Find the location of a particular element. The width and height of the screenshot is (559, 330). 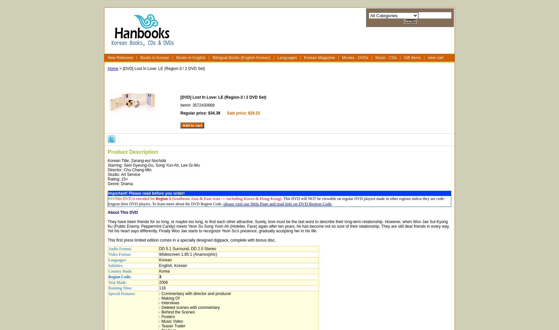

'- Teaser Trailer' is located at coordinates (159, 326).